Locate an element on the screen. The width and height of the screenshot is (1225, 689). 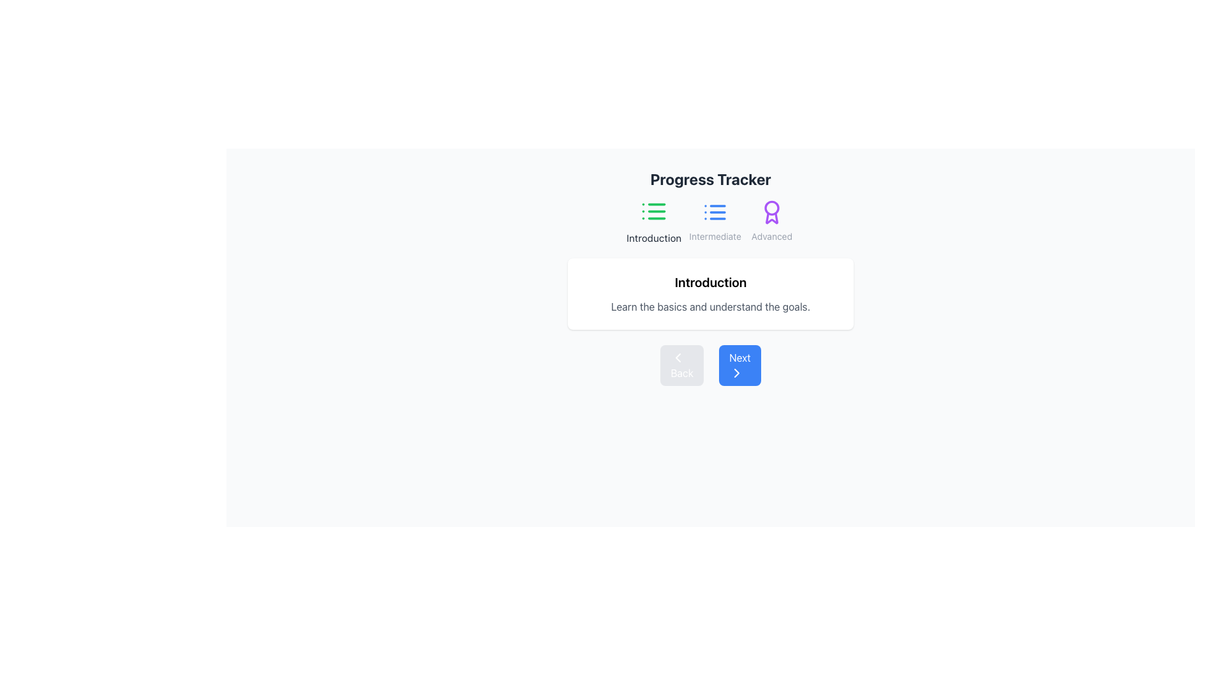
the circular decorative element at the top of the award ribbon icon, which is styled in purple and white is located at coordinates (771, 207).